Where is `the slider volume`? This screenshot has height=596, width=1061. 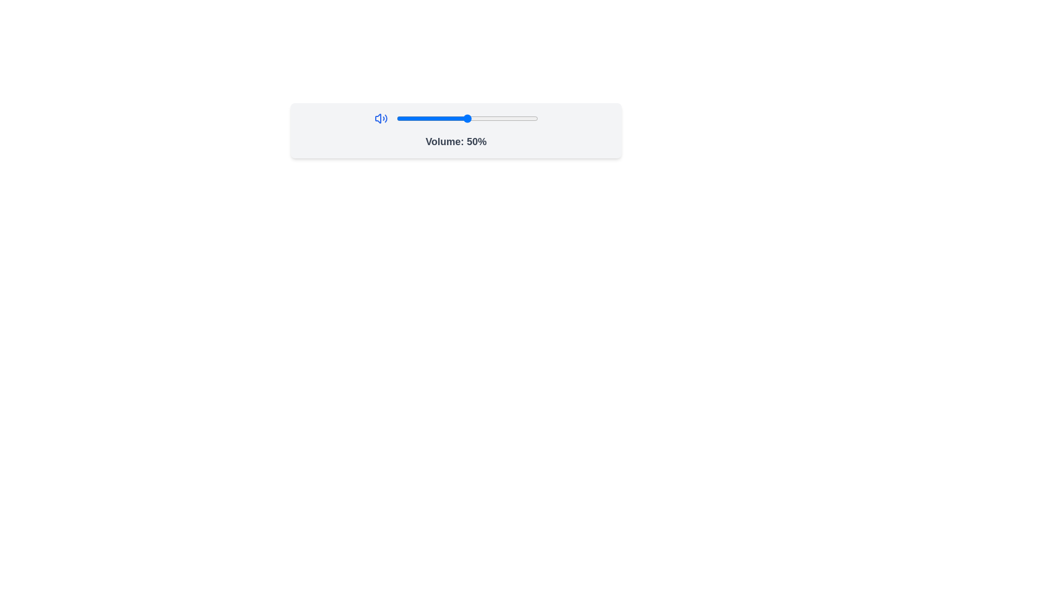
the slider volume is located at coordinates (497, 119).